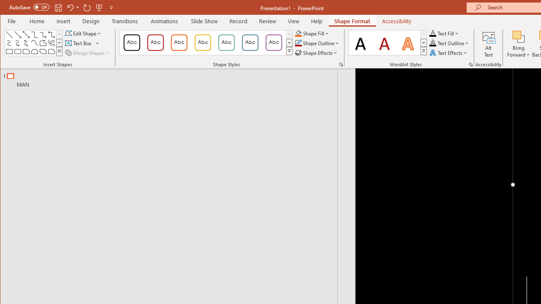 This screenshot has width=541, height=304. I want to click on 'Format Text Effects...', so click(470, 64).